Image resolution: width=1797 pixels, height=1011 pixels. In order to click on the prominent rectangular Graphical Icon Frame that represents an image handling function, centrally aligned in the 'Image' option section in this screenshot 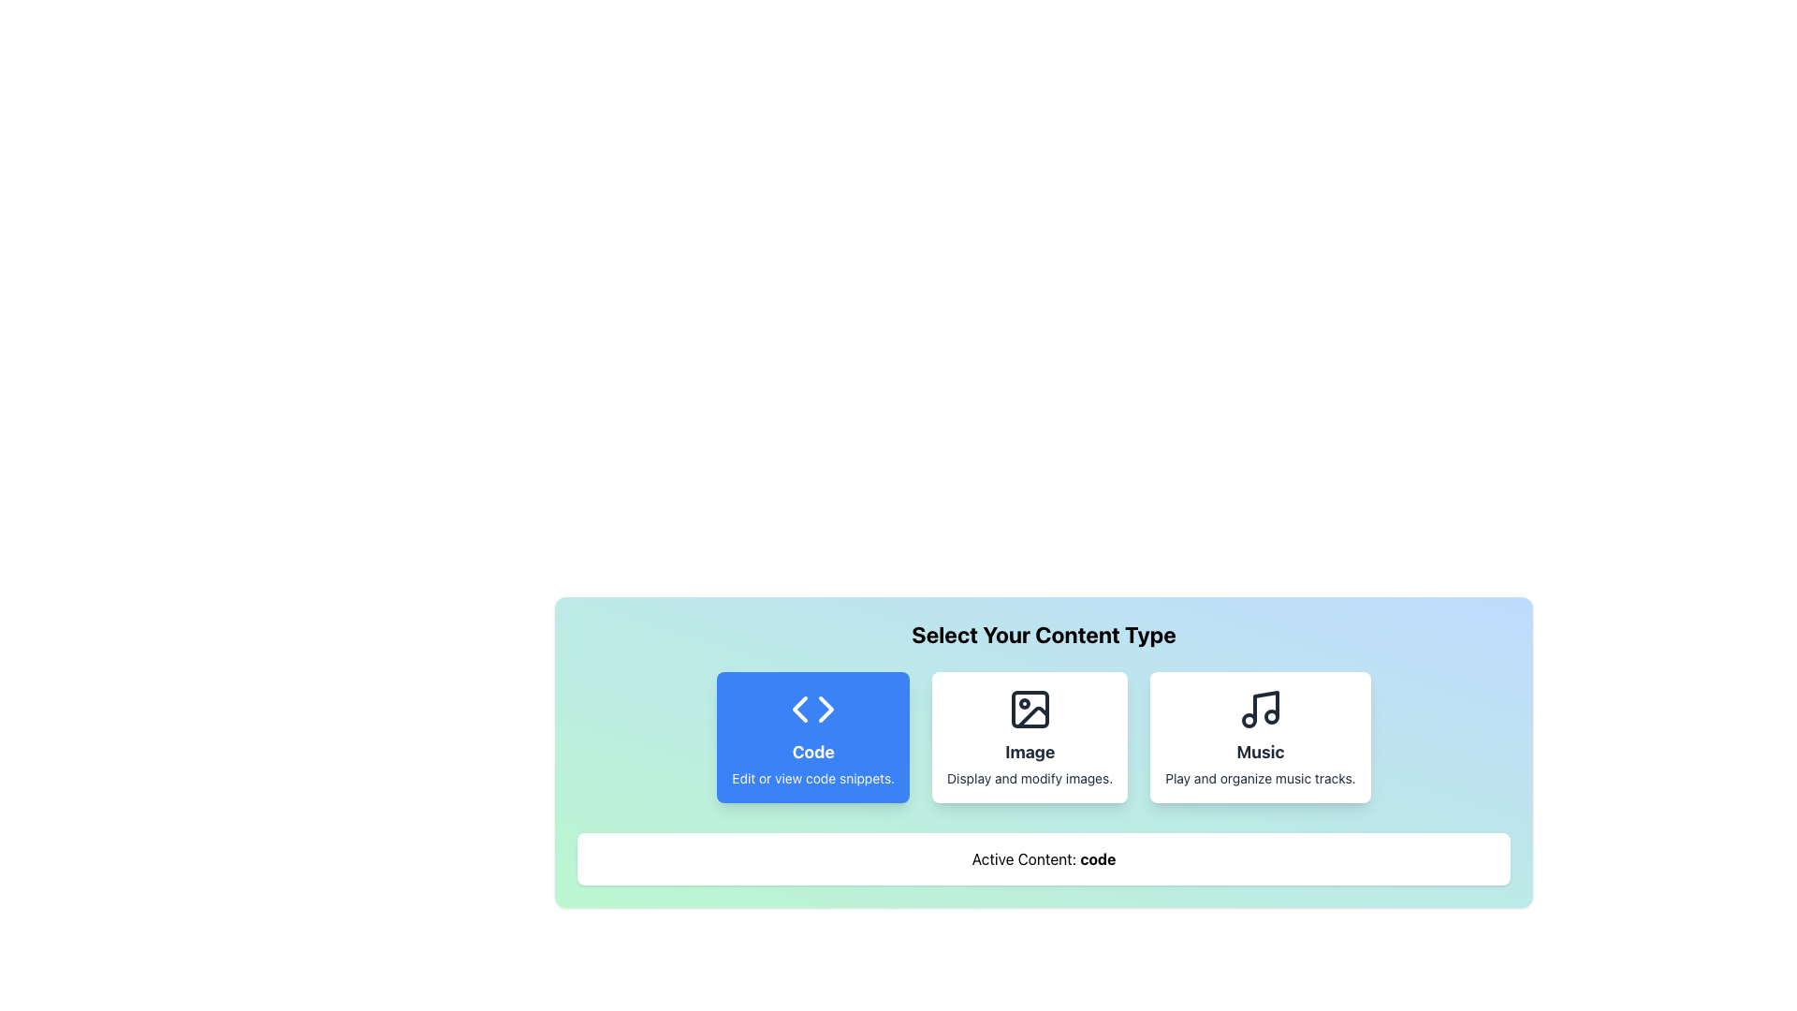, I will do `click(1029, 710)`.